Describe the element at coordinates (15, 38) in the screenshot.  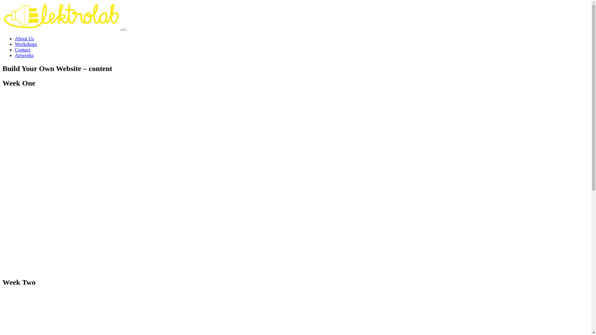
I see `'About Us'` at that location.